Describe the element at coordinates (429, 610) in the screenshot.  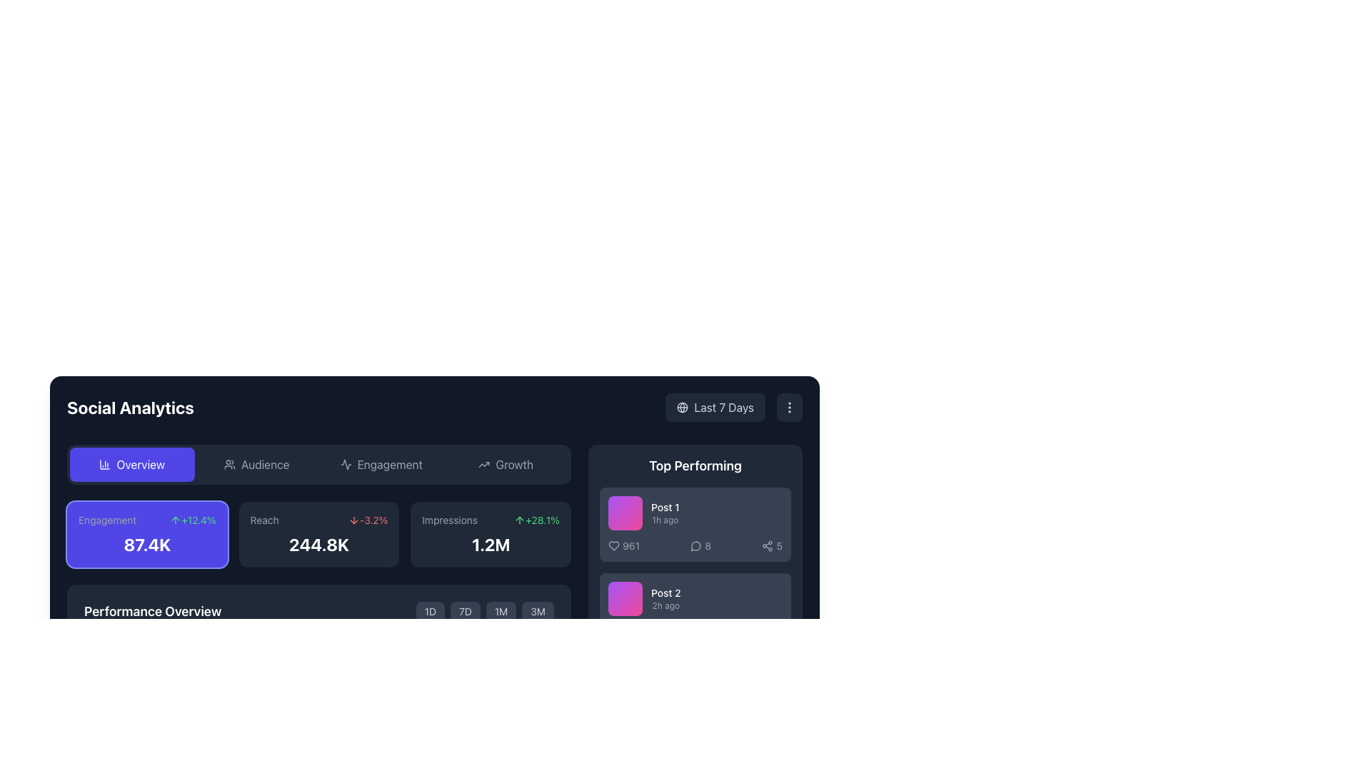
I see `the rectangular button with rounded corners and light gray text displaying '1D'` at that location.